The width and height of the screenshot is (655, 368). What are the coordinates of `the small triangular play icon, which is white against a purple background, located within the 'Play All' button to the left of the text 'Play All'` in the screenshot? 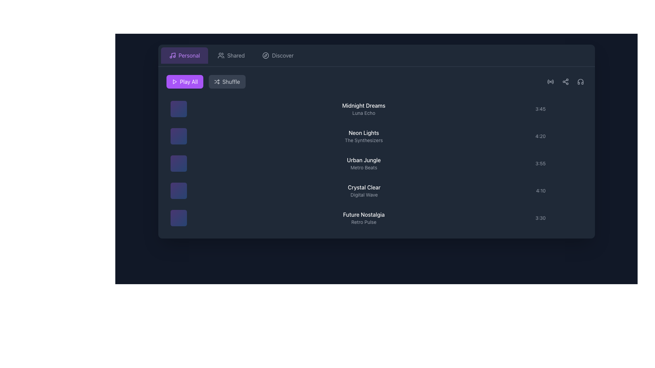 It's located at (174, 81).